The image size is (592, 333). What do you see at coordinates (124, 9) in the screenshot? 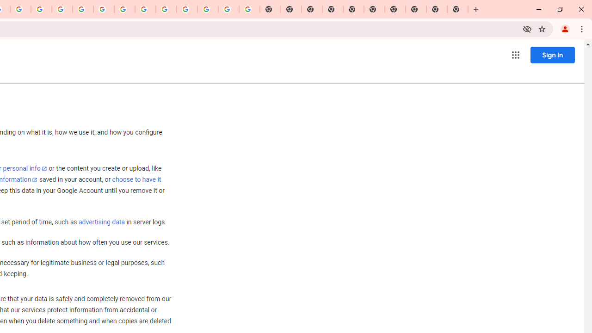
I see `'YouTube'` at bounding box center [124, 9].